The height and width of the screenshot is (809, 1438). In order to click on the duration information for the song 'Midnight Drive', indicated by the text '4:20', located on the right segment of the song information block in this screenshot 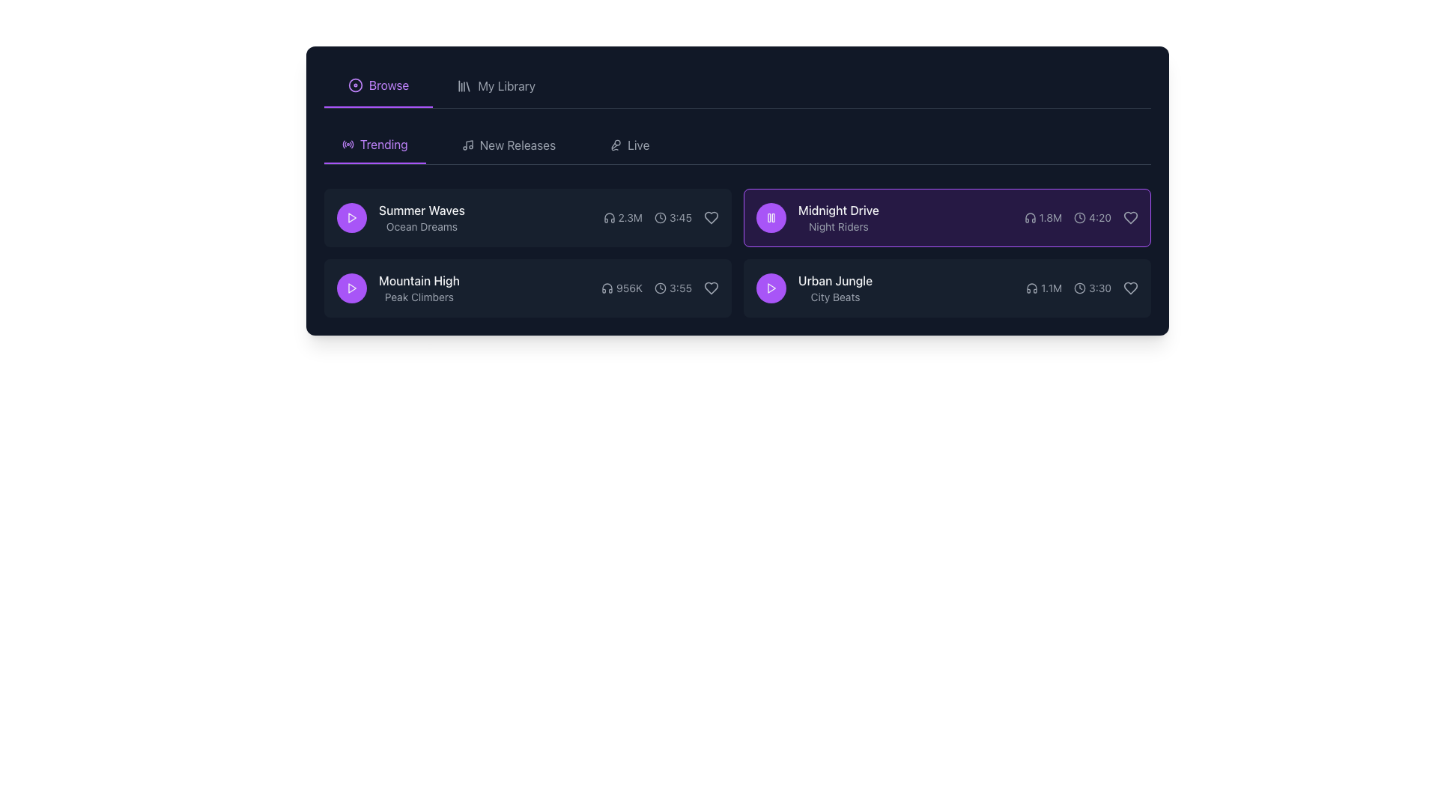, I will do `click(1081, 217)`.